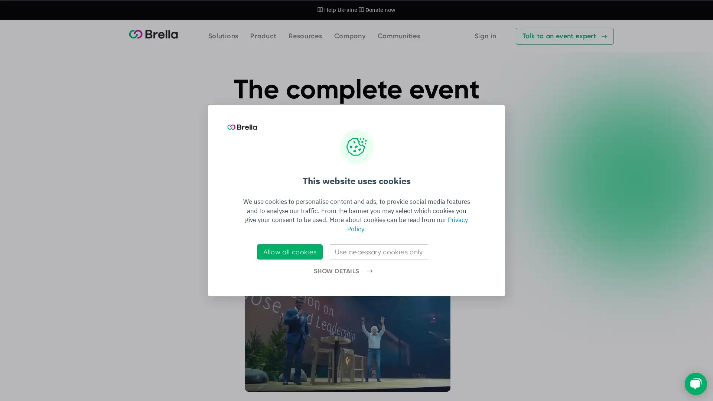  What do you see at coordinates (378, 251) in the screenshot?
I see `Use necessary cookies only` at bounding box center [378, 251].